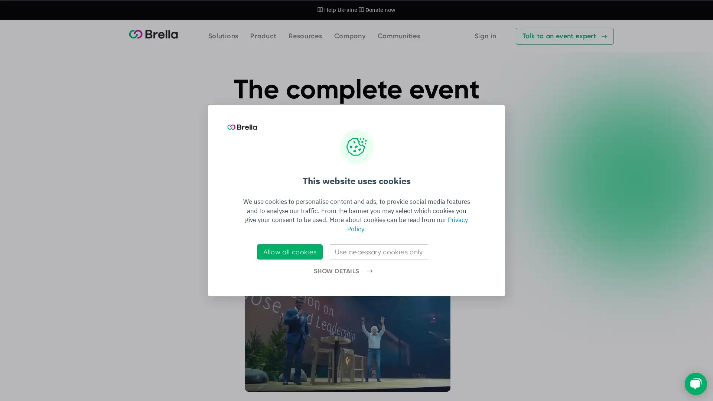  What do you see at coordinates (378, 251) in the screenshot?
I see `Use necessary cookies only` at bounding box center [378, 251].